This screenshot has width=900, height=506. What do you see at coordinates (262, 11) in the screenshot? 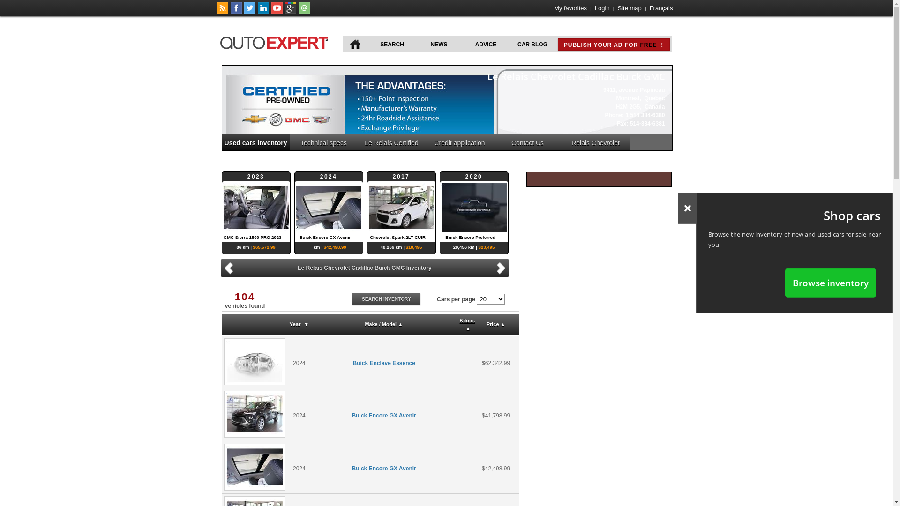
I see `'Follow Publications Le Guide Inc. on LinkedIn'` at bounding box center [262, 11].